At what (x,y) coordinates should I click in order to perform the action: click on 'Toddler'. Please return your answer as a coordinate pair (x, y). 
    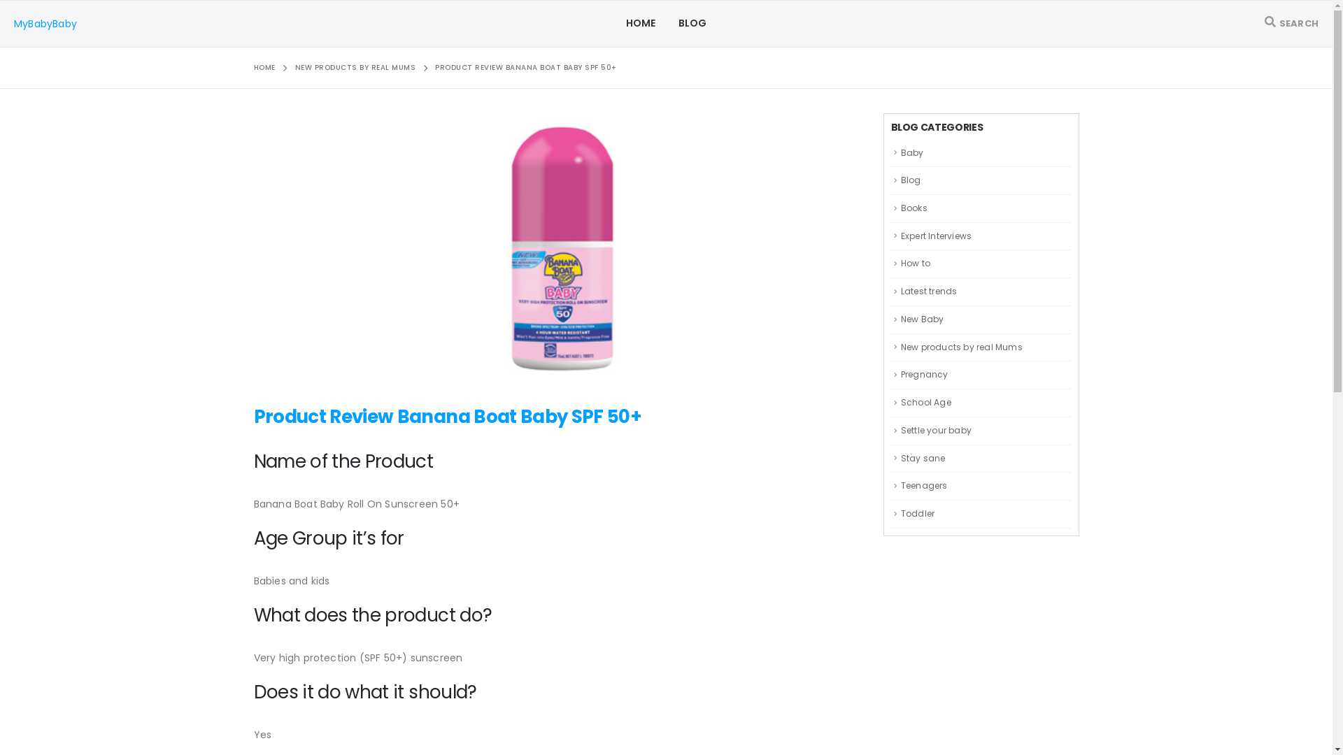
    Looking at the image, I should click on (917, 513).